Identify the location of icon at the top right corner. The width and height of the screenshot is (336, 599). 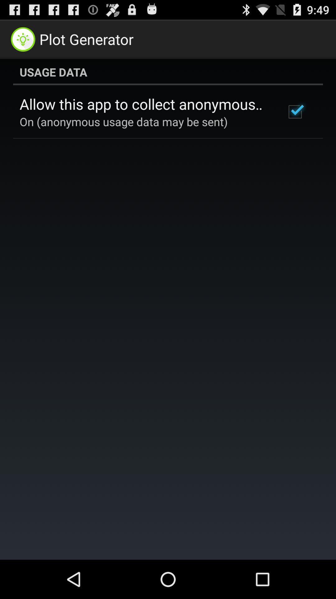
(295, 112).